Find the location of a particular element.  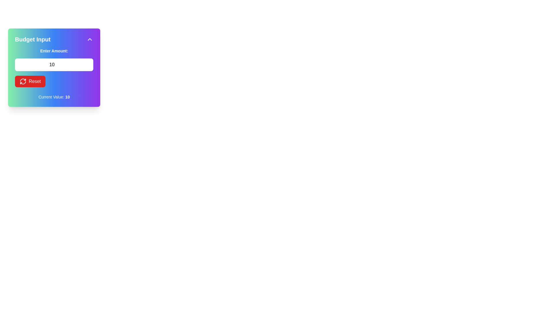

the chevron button in the top-right corner of the 'Budget Input' section is located at coordinates (90, 39).